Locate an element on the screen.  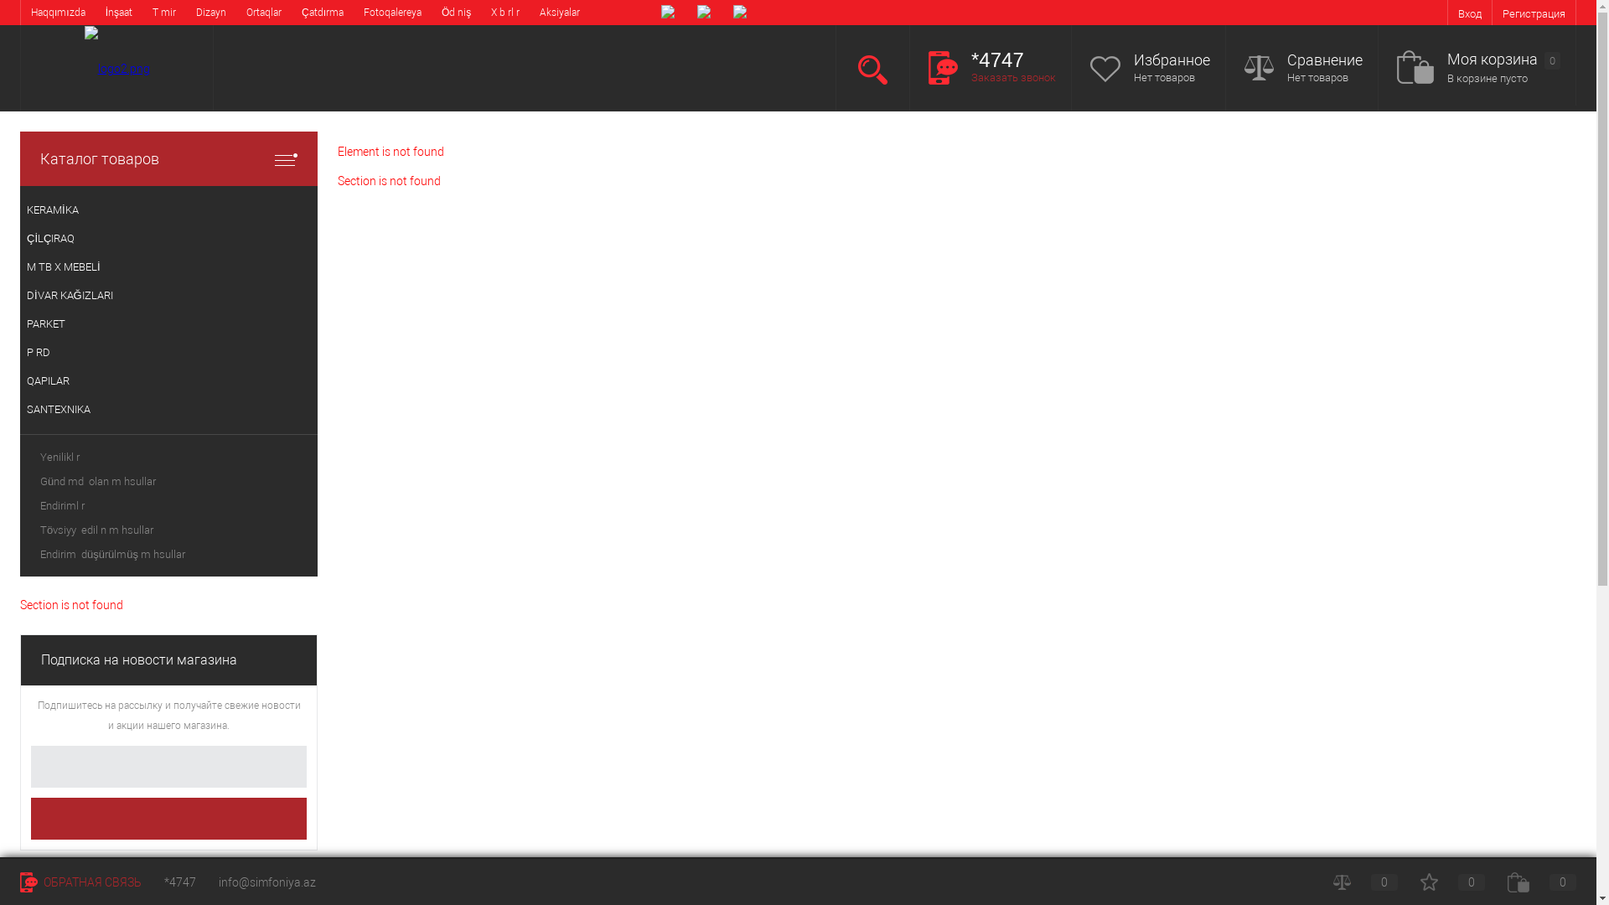
'logo2.png' is located at coordinates (83, 67).